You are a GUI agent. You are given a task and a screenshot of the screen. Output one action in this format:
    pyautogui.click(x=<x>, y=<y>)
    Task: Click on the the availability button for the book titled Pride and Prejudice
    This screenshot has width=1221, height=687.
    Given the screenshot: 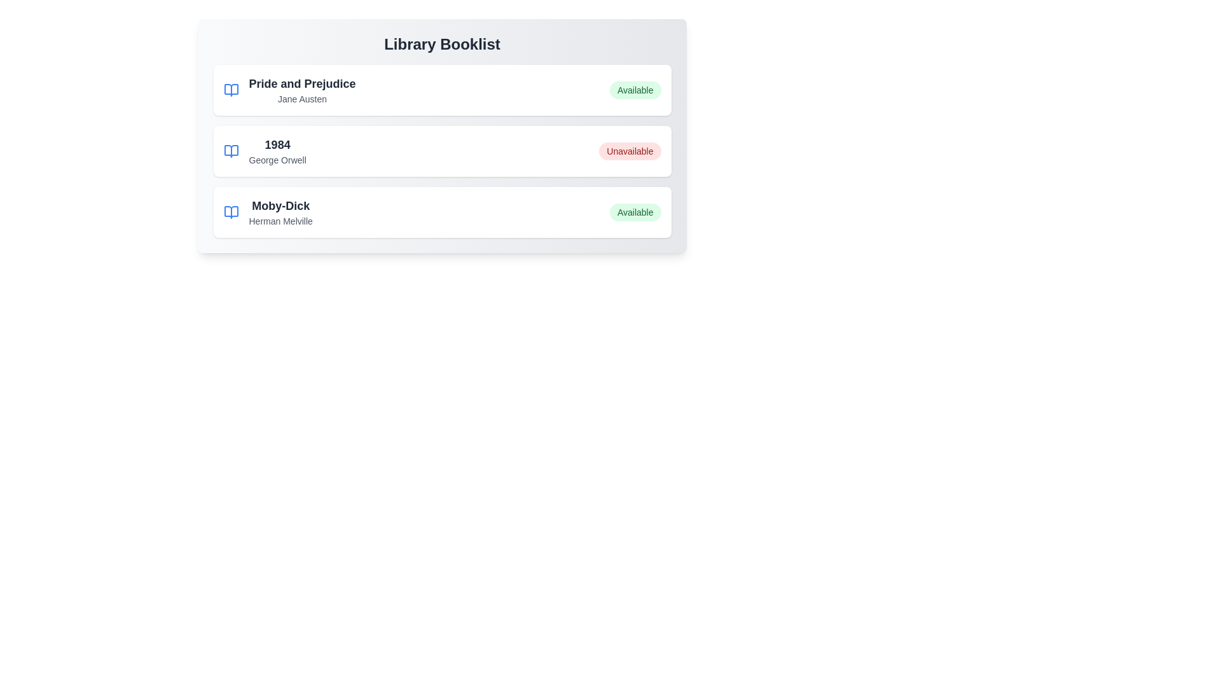 What is the action you would take?
    pyautogui.click(x=635, y=90)
    